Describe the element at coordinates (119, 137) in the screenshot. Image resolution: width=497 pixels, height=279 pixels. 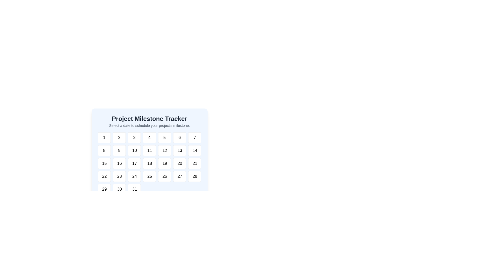
I see `the button representing the selectable date (2) in the calendar interface for keyboard navigation` at that location.